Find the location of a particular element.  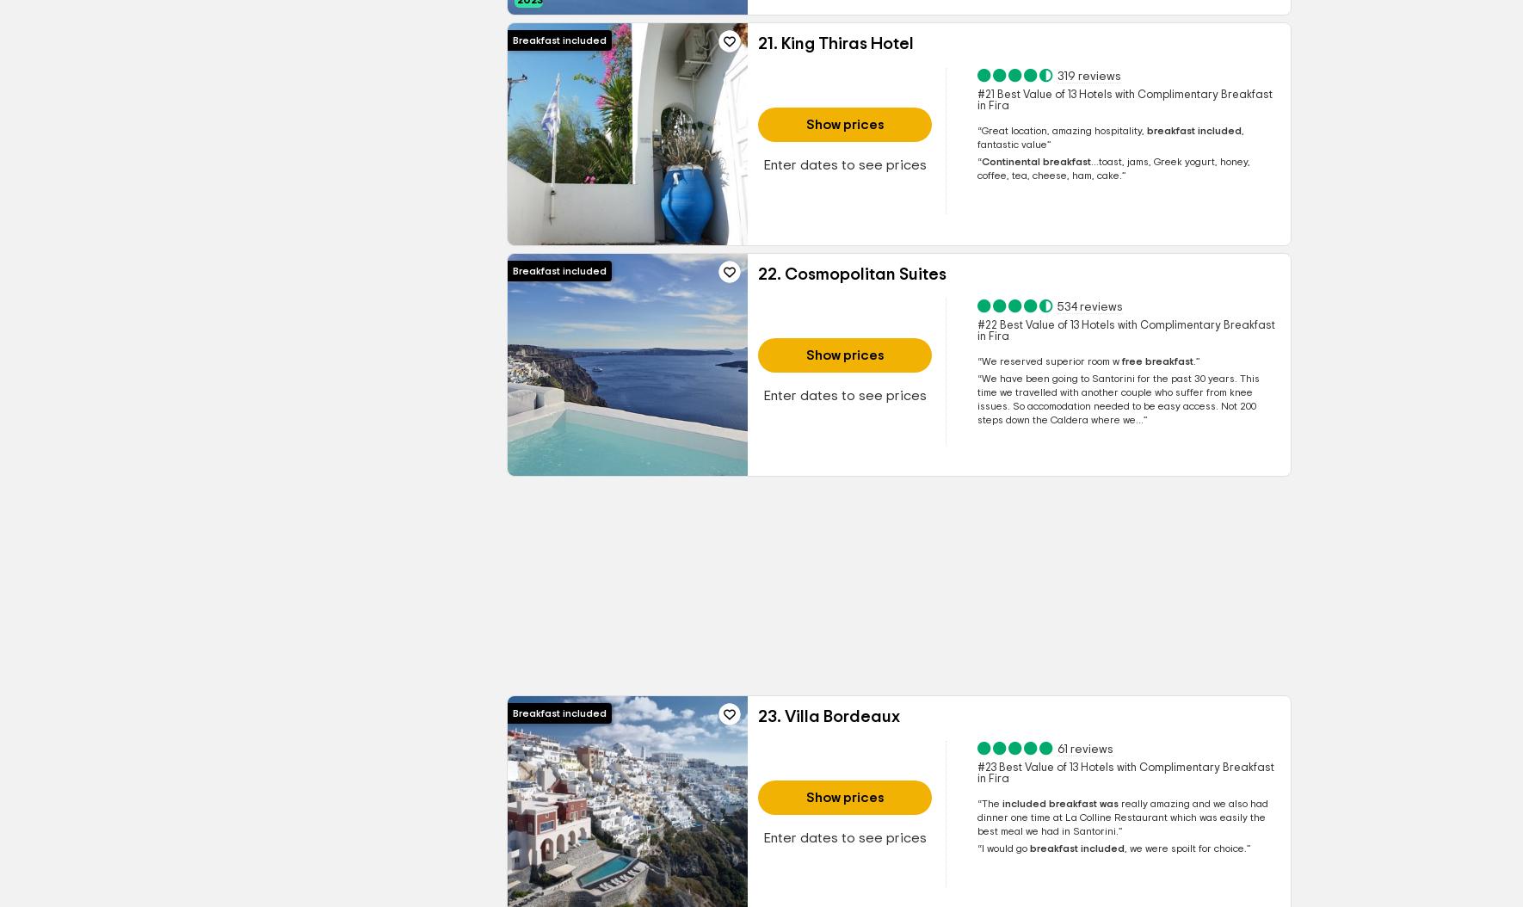

'#21 Best Value of 13 Hotels with Complimentary Breakfast in Fira' is located at coordinates (1123, 100).